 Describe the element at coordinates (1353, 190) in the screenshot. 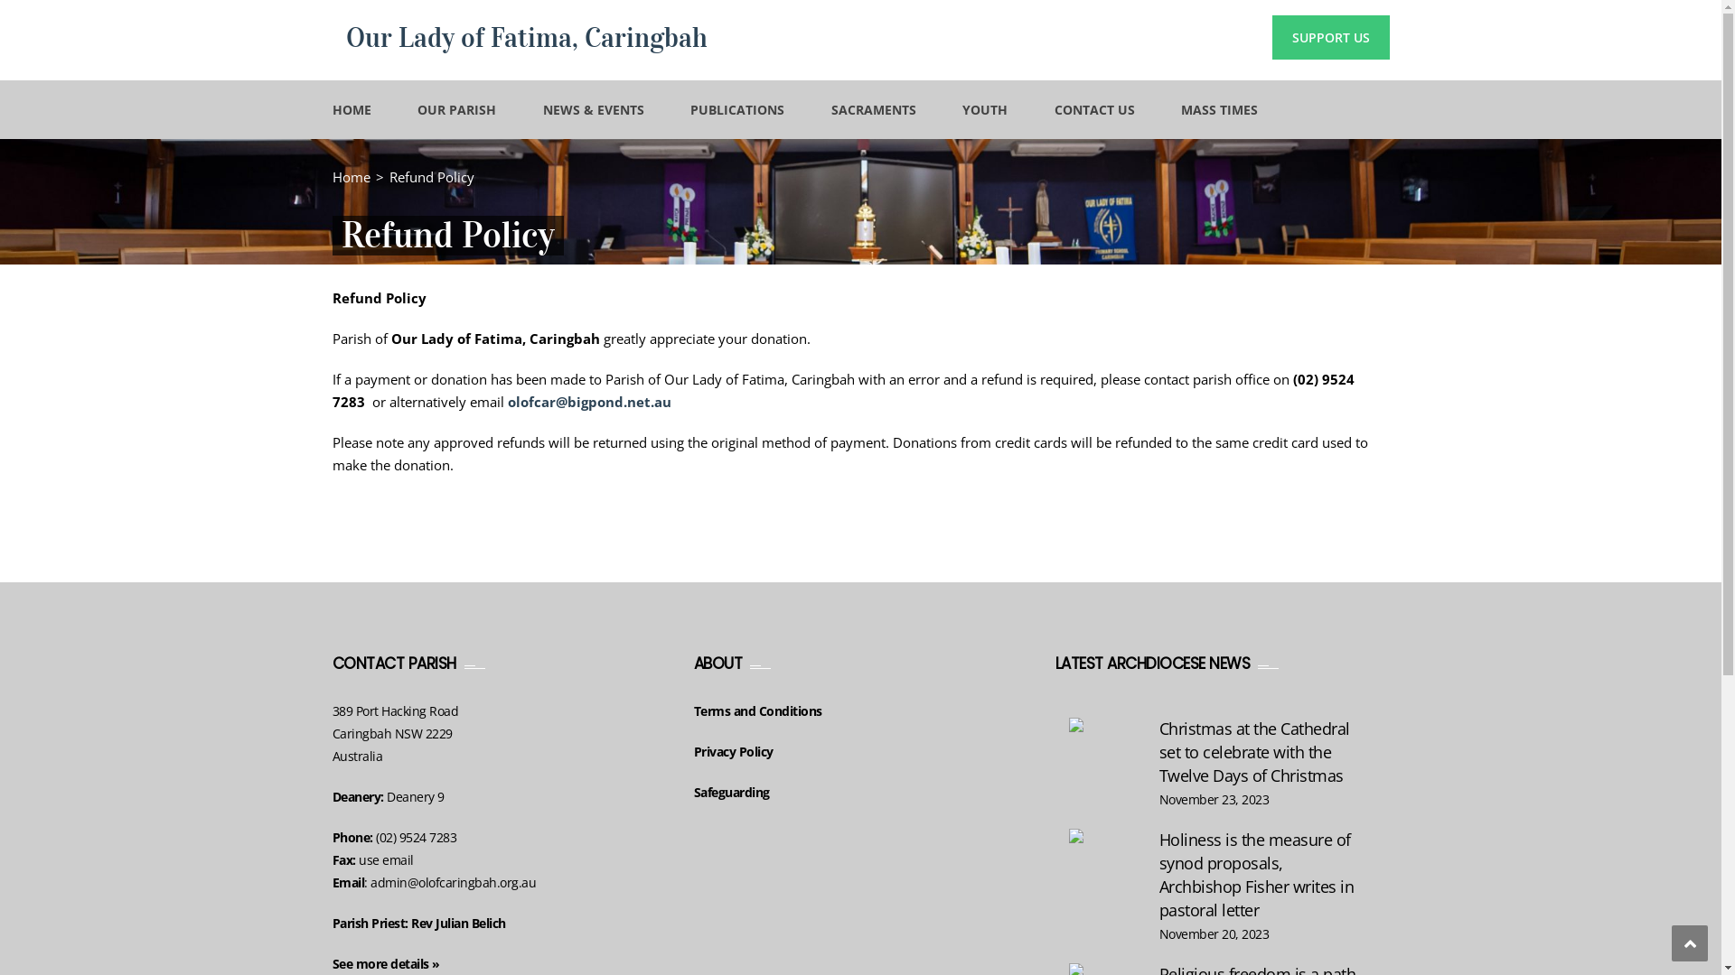

I see `'Search'` at that location.